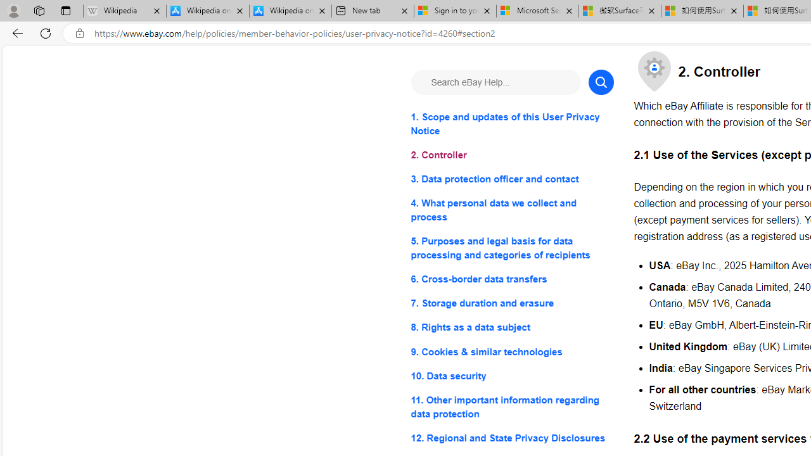 This screenshot has width=811, height=456. What do you see at coordinates (512, 327) in the screenshot?
I see `'8. Rights as a data subject'` at bounding box center [512, 327].